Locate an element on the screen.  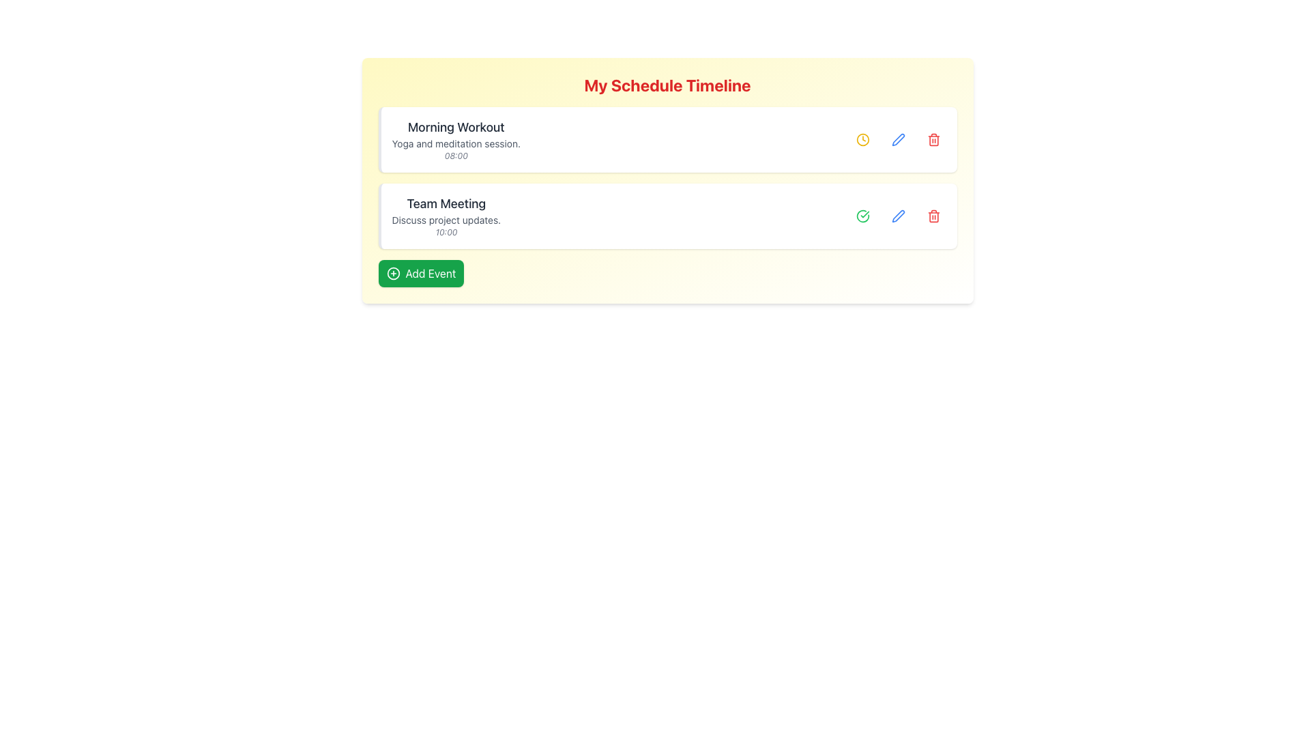
the small red trash icon located on the right side of the second item in a vertically stacked list to initiate the delete action is located at coordinates (933, 215).